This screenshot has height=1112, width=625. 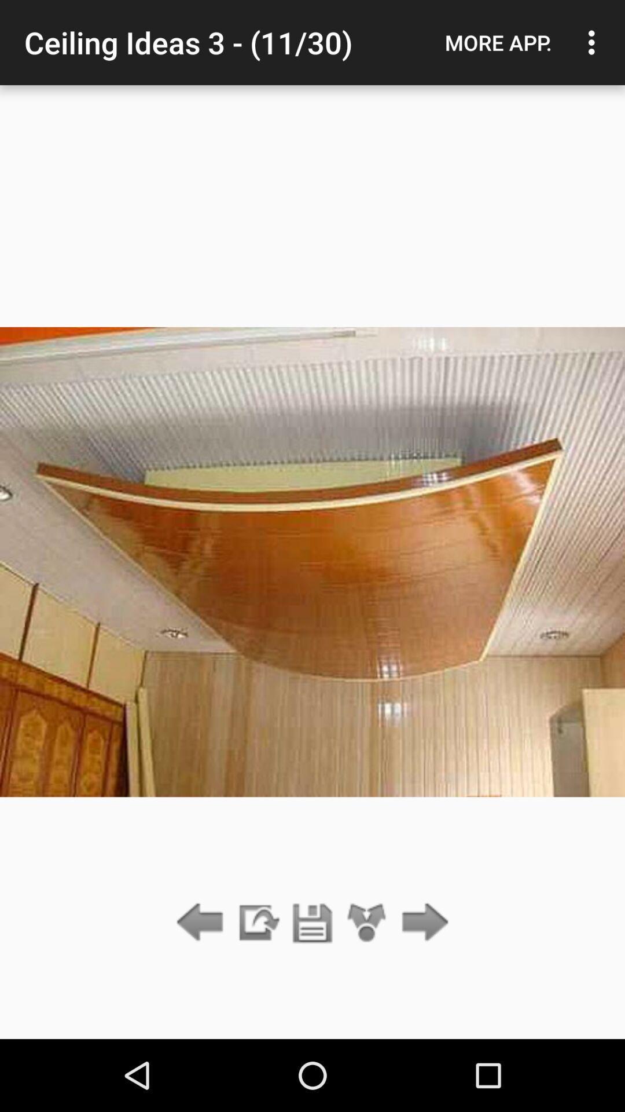 I want to click on icon next to the ceiling ideas 3, so click(x=498, y=42).